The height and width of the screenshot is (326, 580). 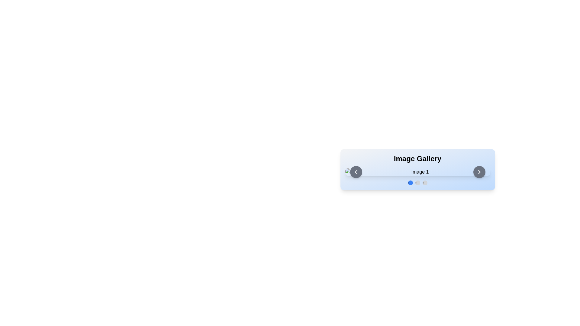 I want to click on the blue circle of the pagination indicator group located at the bottom of the 'Image Gallery' card, so click(x=417, y=182).